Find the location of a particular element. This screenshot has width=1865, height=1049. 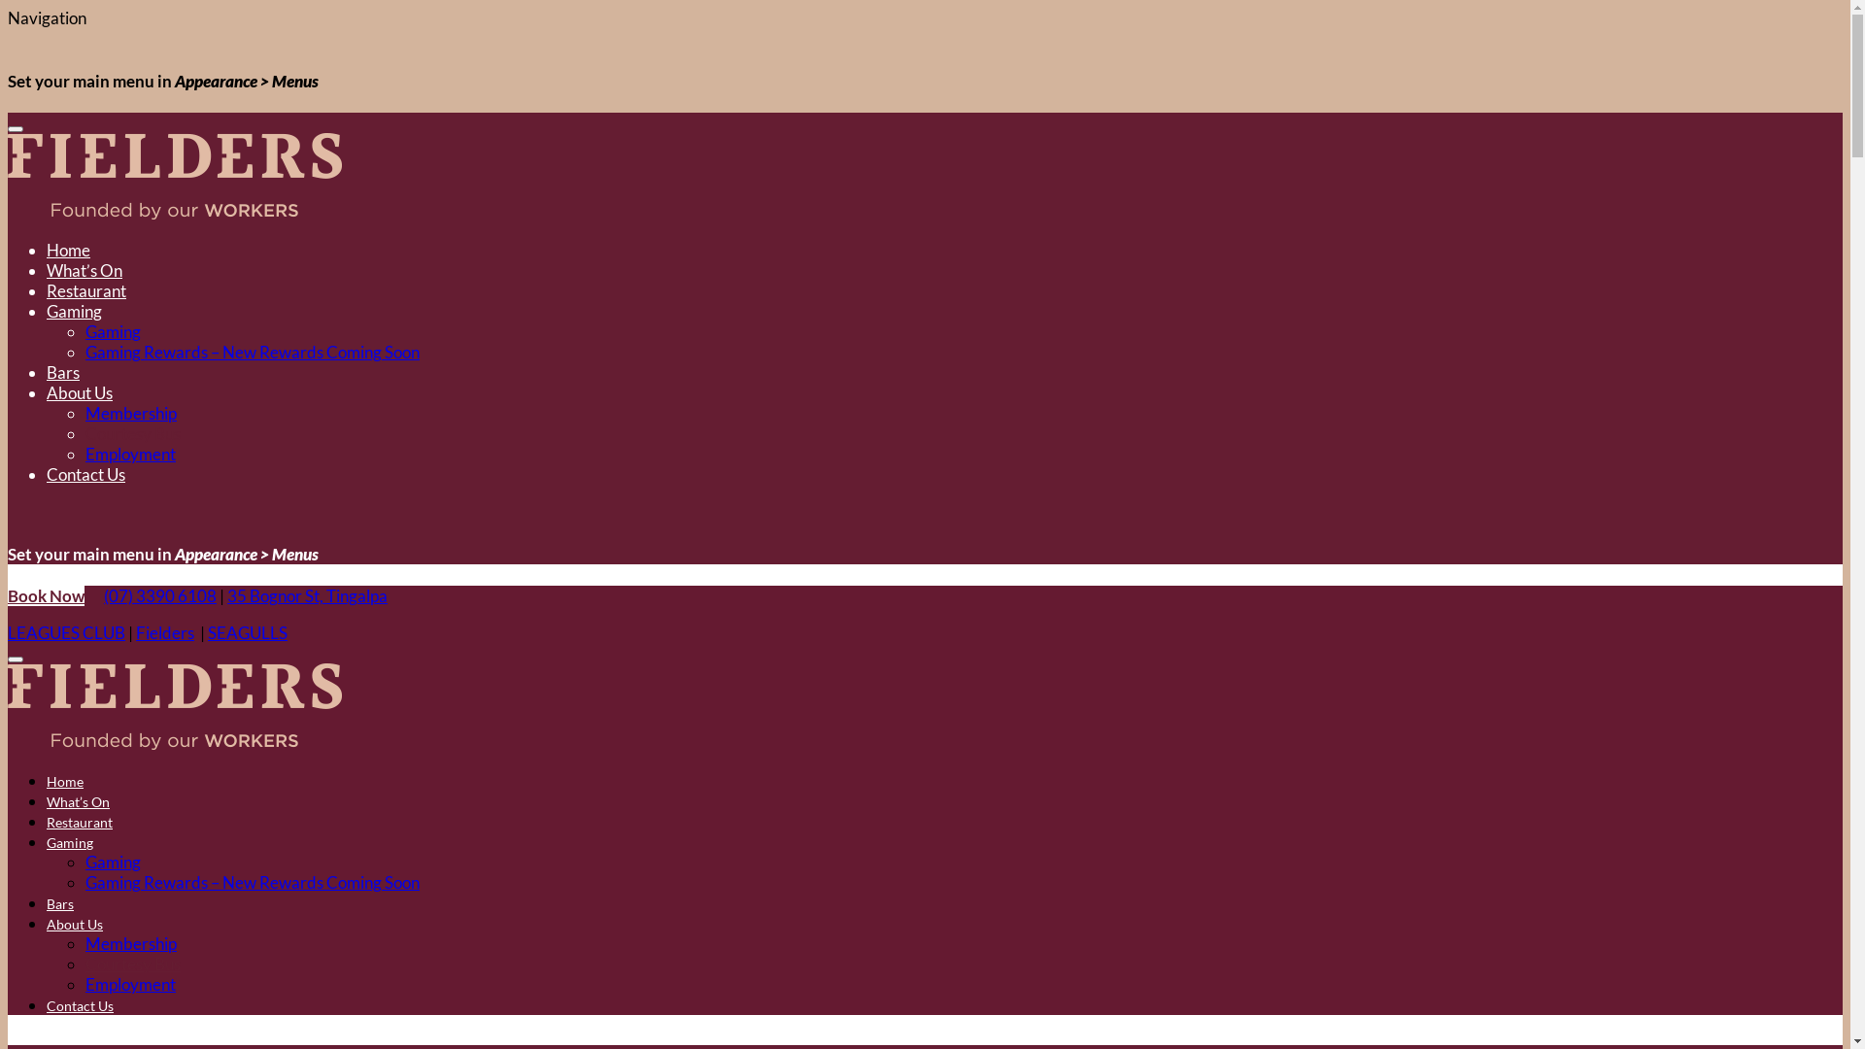

'Gaming' is located at coordinates (112, 330).